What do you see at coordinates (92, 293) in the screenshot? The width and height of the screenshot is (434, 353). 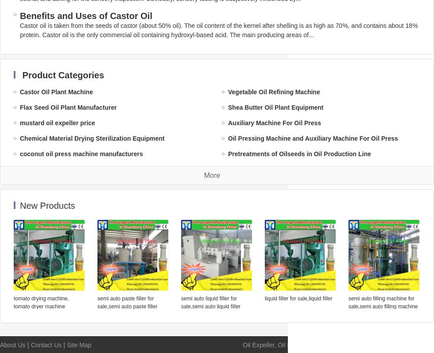 I see `'Corn Germ Oil Pressing Machine for Corn Oil Mill'` at bounding box center [92, 293].